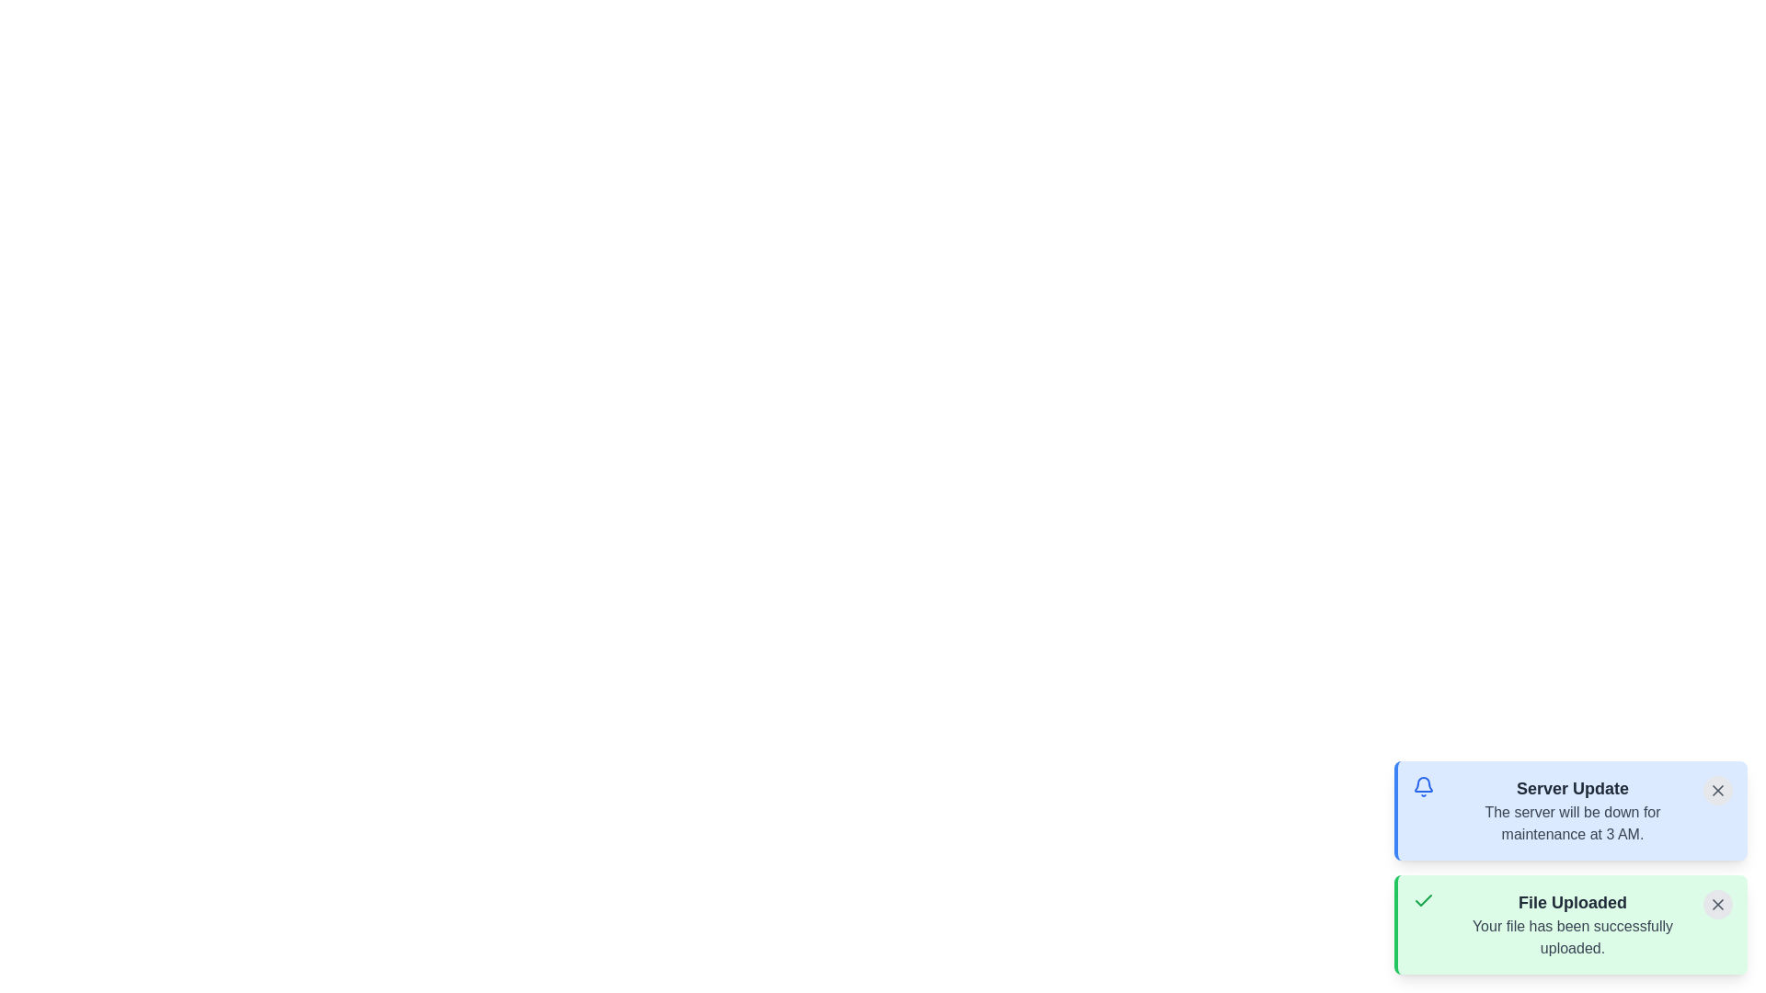  I want to click on the circular close icon button with a cross symbol located in the top-right corner of the 'Server Update' notification card, so click(1716, 790).